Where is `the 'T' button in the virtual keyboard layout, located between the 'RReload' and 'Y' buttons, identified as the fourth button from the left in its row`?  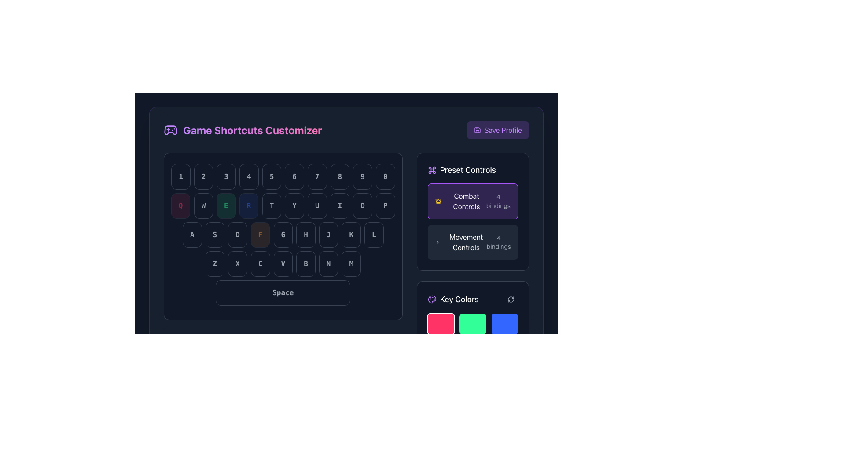
the 'T' button in the virtual keyboard layout, located between the 'RReload' and 'Y' buttons, identified as the fourth button from the left in its row is located at coordinates (271, 205).